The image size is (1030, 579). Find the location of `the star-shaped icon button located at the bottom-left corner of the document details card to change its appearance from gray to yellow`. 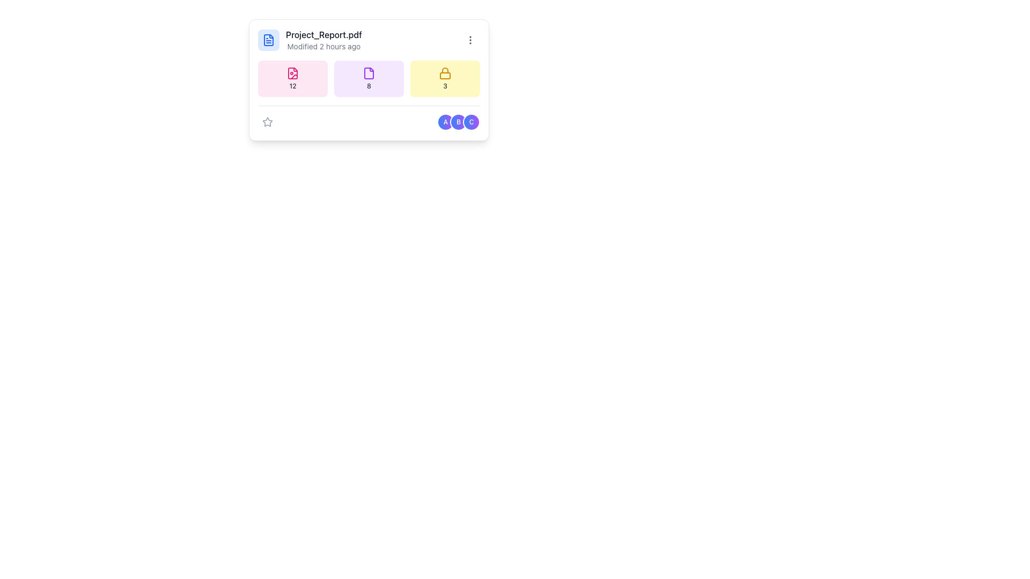

the star-shaped icon button located at the bottom-left corner of the document details card to change its appearance from gray to yellow is located at coordinates (268, 121).